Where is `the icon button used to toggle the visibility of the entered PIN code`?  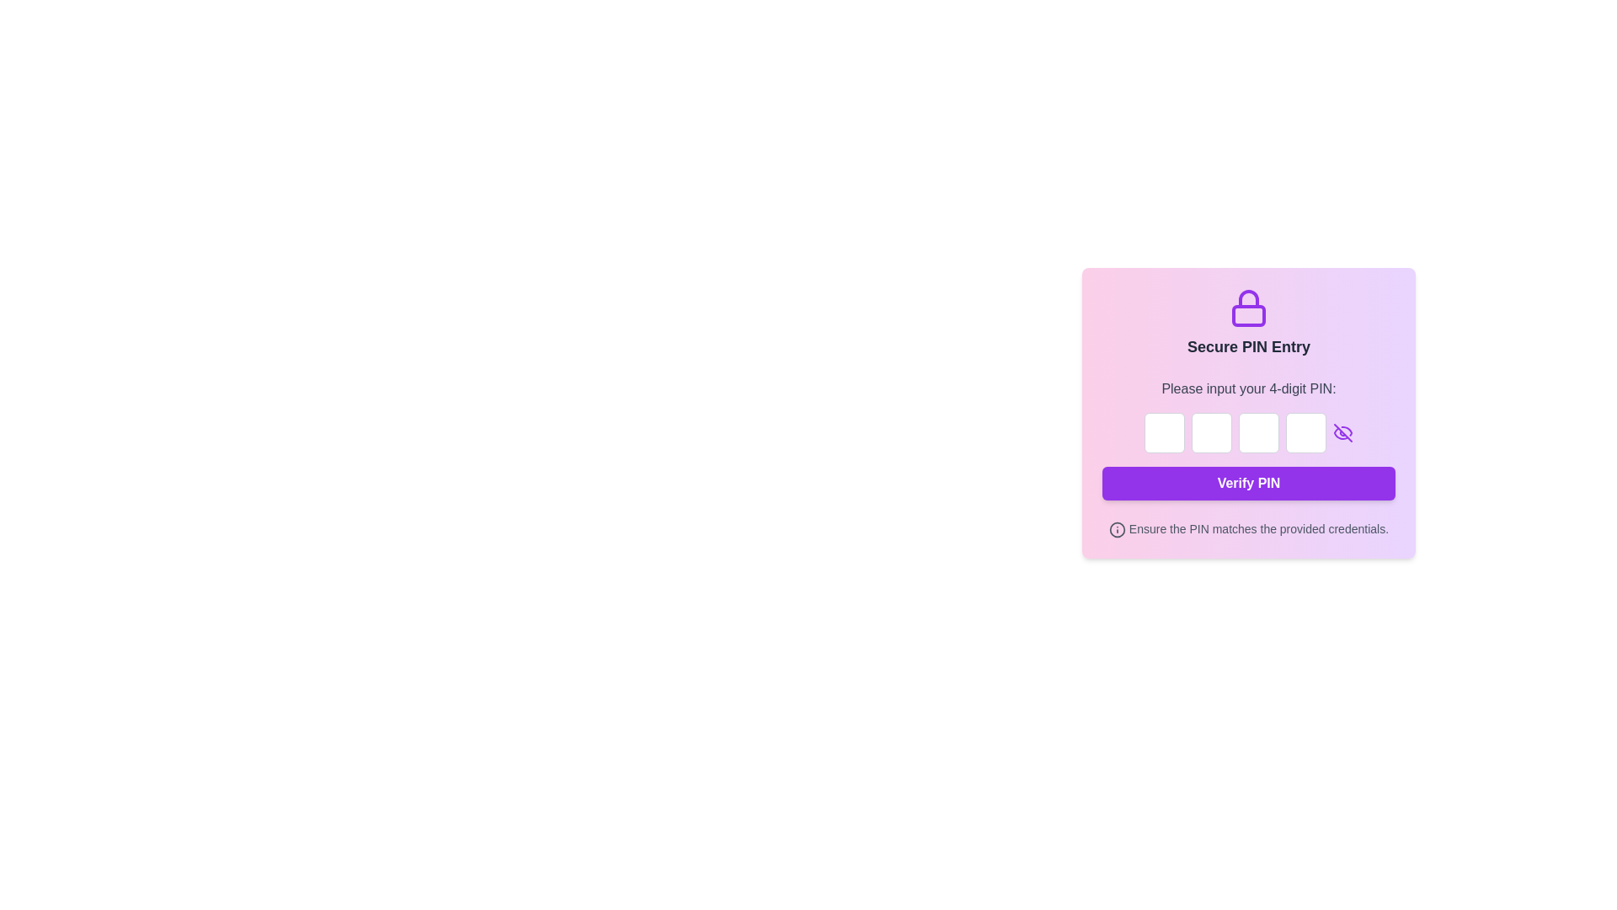 the icon button used to toggle the visibility of the entered PIN code is located at coordinates (1342, 431).